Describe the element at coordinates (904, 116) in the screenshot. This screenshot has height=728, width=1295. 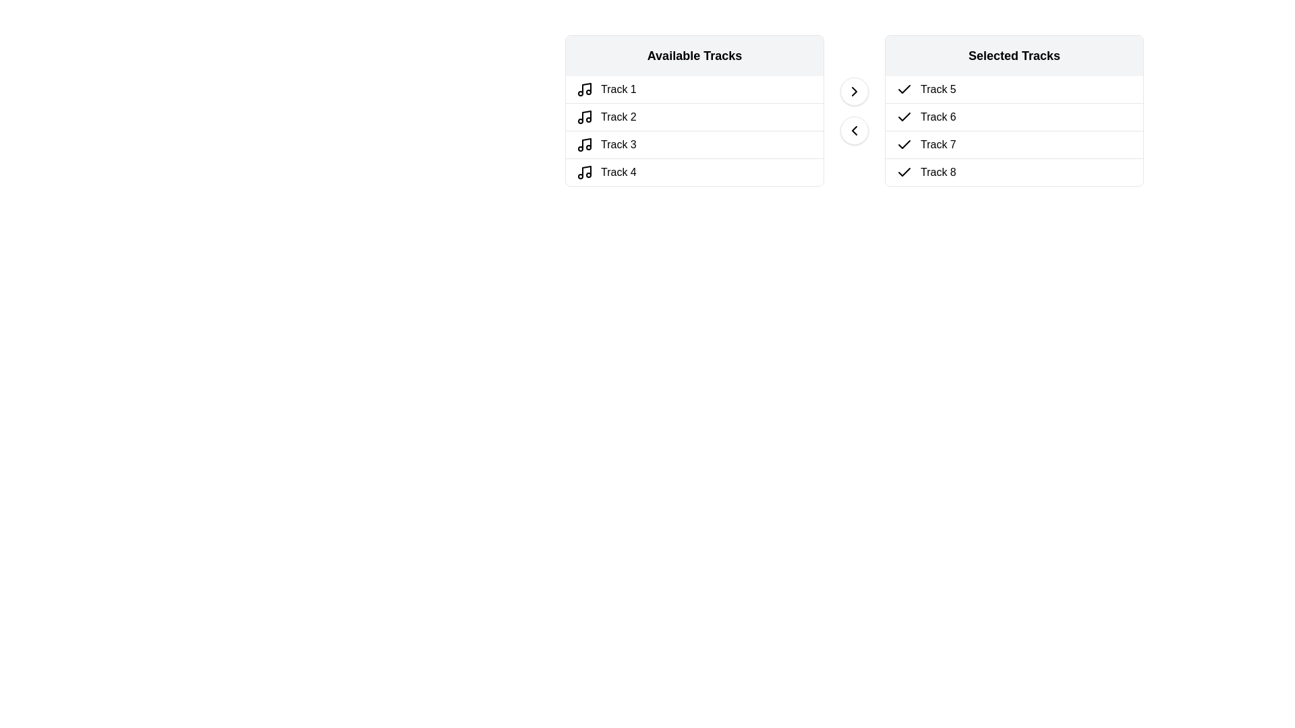
I see `the state of the 'Track 6' selection icon located in the 'Selected Tracks' section, next to the text 'Track 6'` at that location.